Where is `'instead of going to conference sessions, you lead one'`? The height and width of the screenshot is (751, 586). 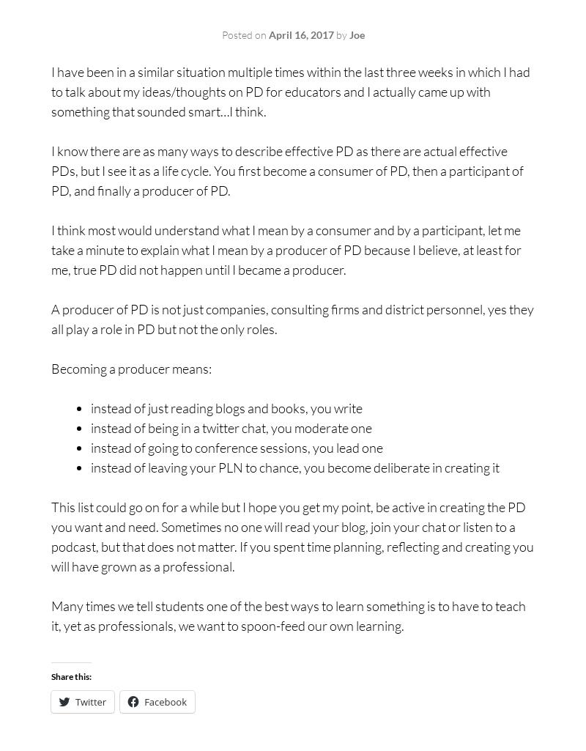 'instead of going to conference sessions, you lead one' is located at coordinates (236, 447).